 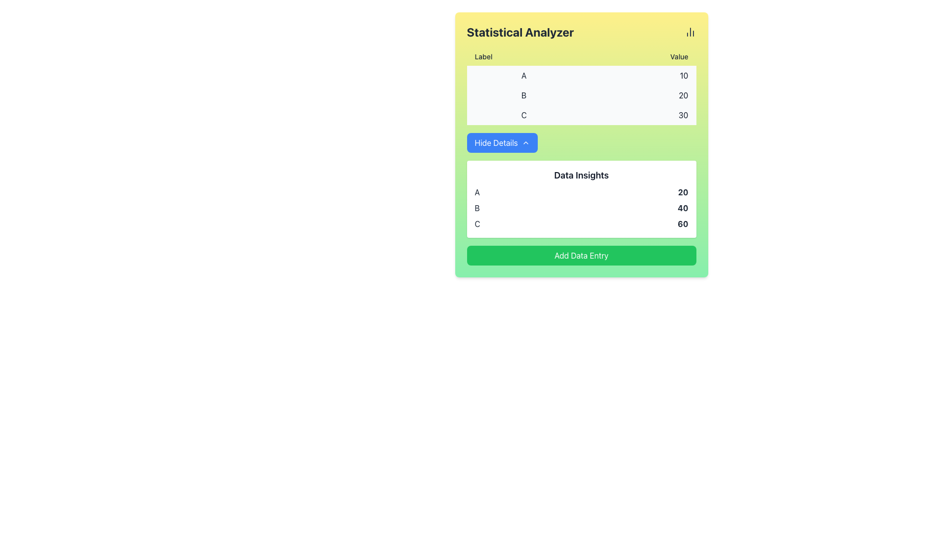 I want to click on the numeric value displayed in dark gray color, located in the first row of the 'Value' column adjacent, so click(x=639, y=75).